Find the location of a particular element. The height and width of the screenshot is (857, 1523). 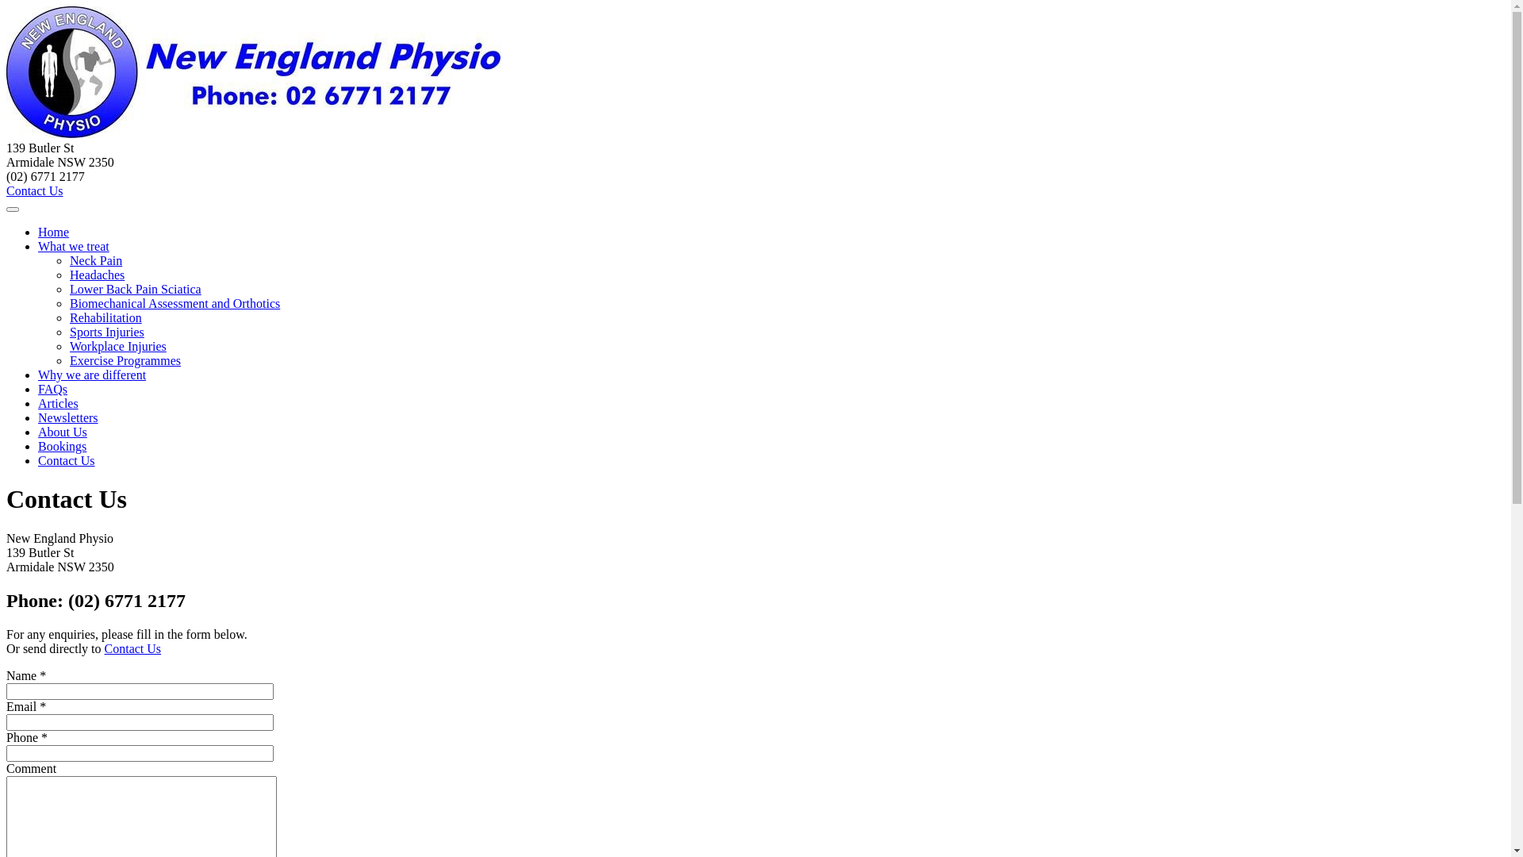

'Why we are different' is located at coordinates (90, 375).